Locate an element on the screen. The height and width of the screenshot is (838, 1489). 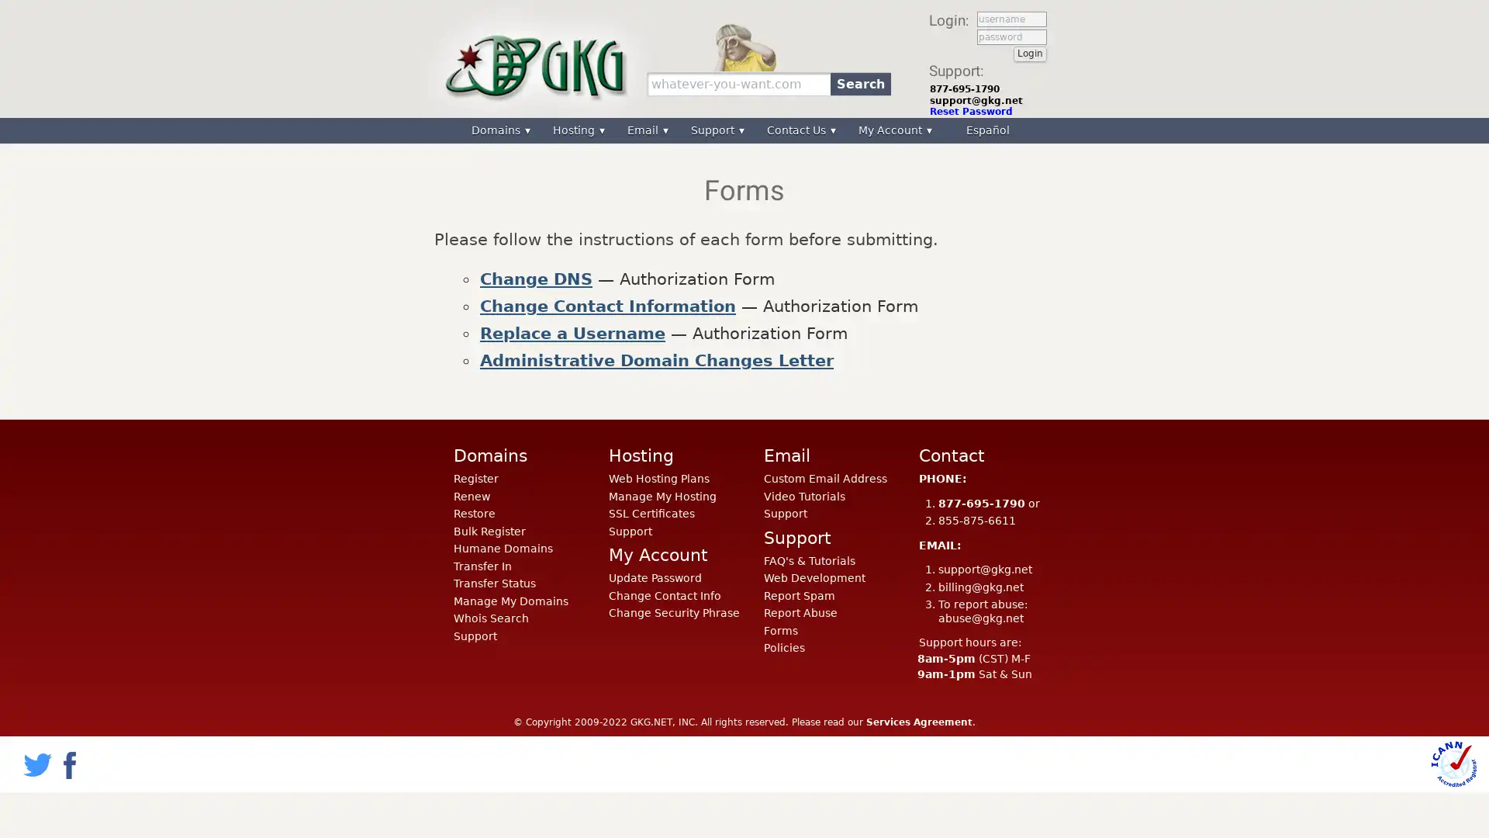
Login is located at coordinates (1030, 53).